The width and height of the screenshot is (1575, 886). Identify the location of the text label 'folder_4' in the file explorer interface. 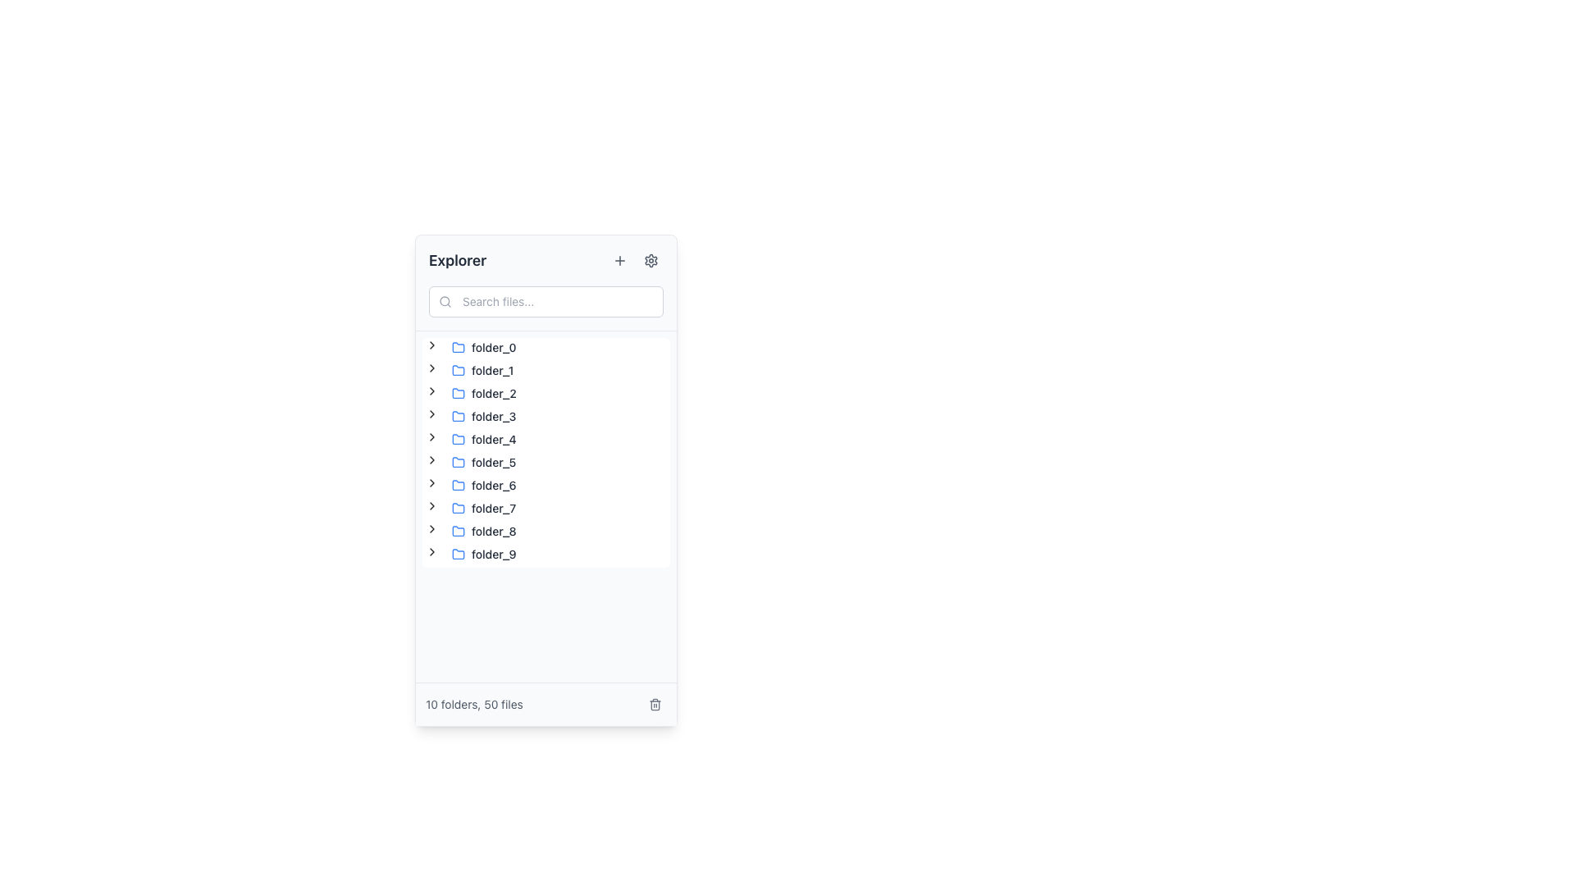
(493, 439).